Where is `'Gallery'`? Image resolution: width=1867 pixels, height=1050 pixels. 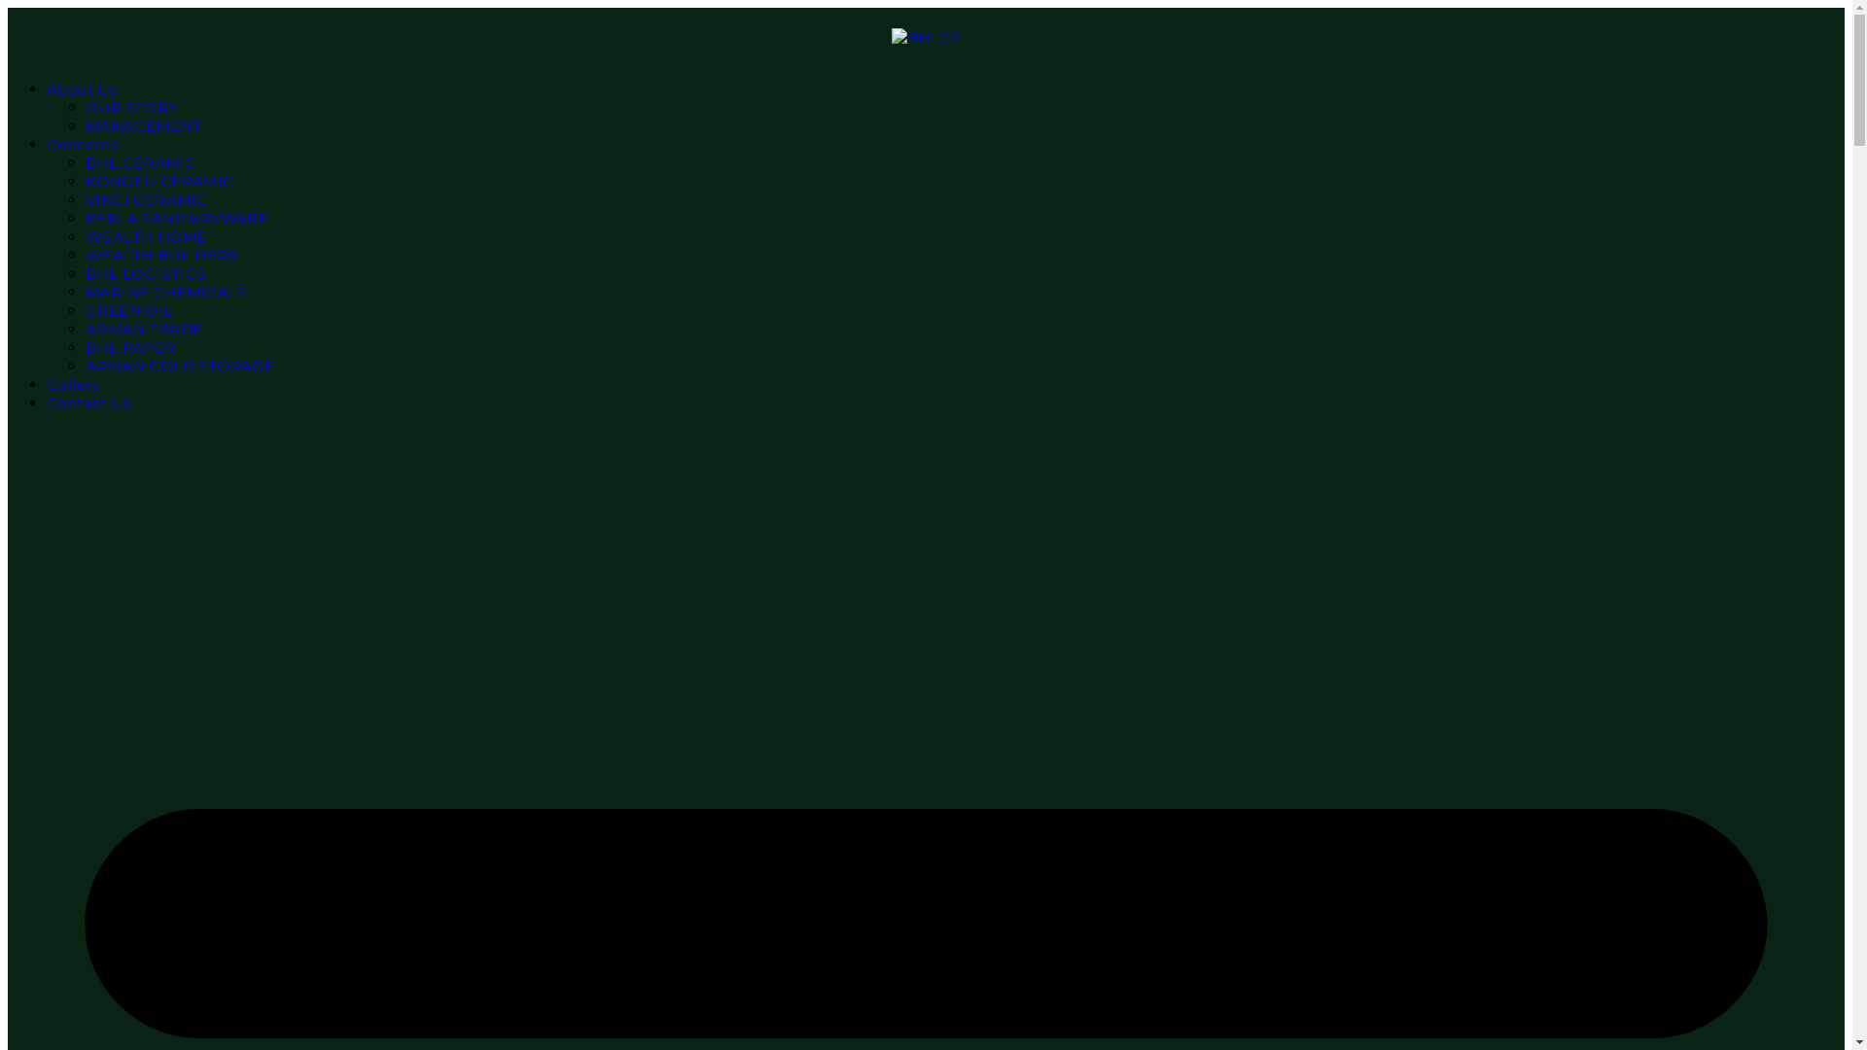
'Gallery' is located at coordinates (73, 384).